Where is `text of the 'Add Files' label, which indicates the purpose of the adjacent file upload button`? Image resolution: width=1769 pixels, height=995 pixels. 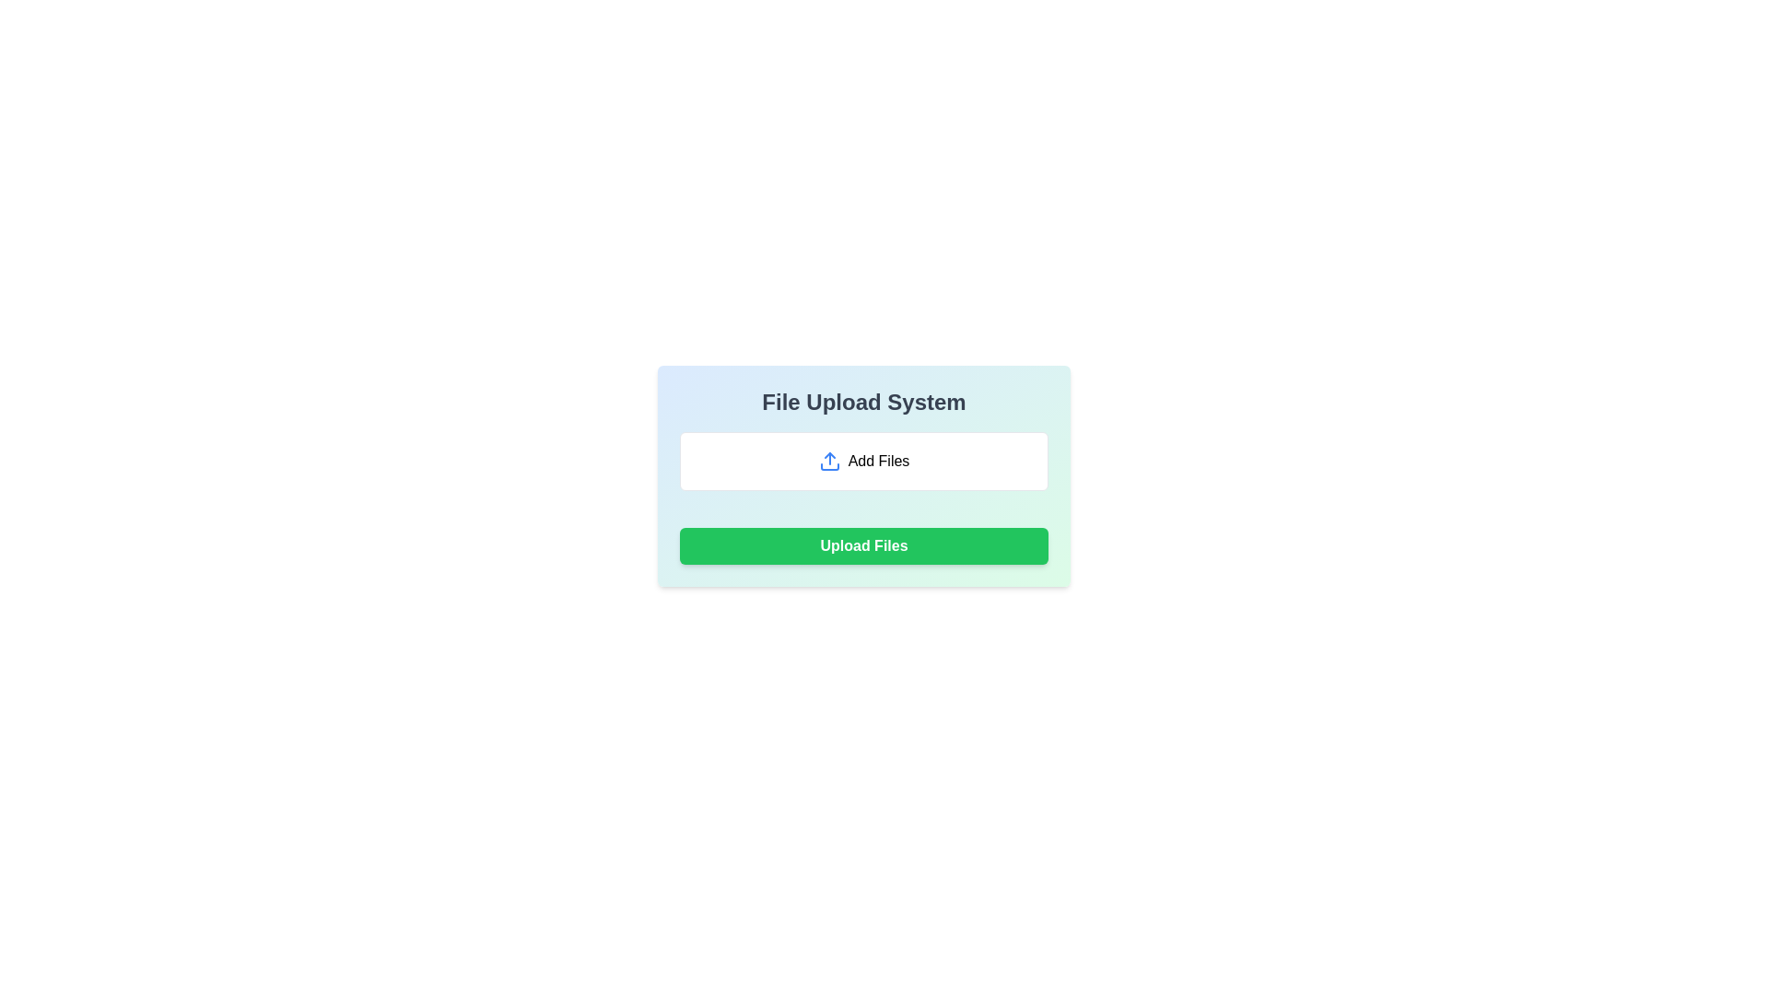
text of the 'Add Files' label, which indicates the purpose of the adjacent file upload button is located at coordinates (878, 461).